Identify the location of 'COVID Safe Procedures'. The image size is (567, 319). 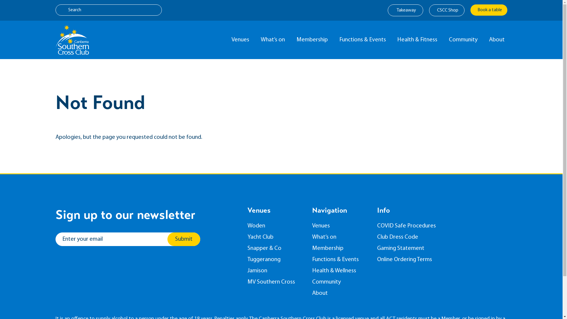
(409, 226).